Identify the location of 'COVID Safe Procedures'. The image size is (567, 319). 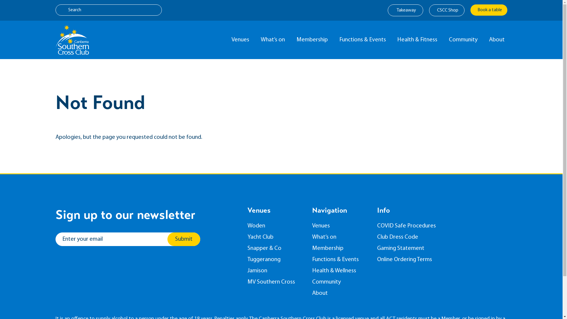
(409, 226).